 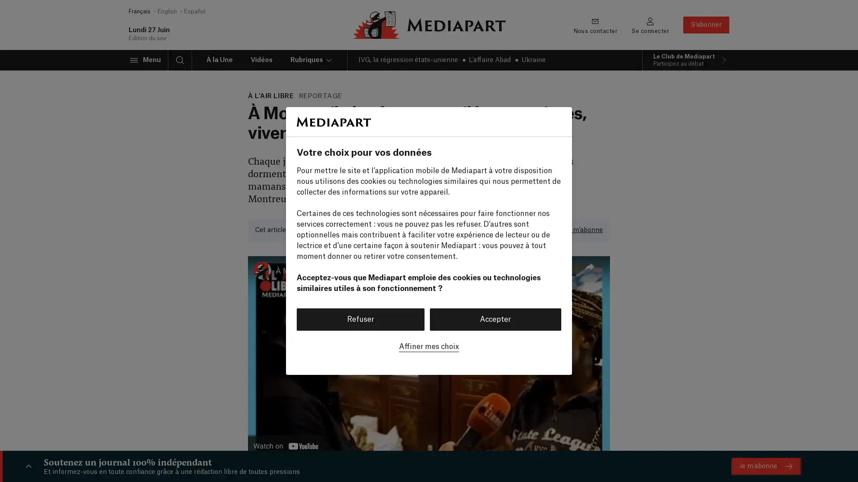 What do you see at coordinates (429, 345) in the screenshot?
I see `Affiner mes choix` at bounding box center [429, 345].